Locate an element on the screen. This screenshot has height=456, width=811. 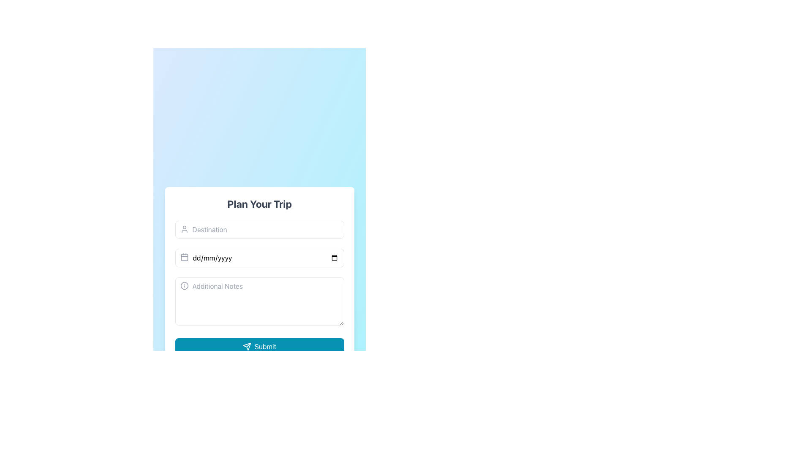
the date selection icon located on the left side of the date input field in the 'Plan Your Trip' form, which is positioned between the 'Destination' and 'Additional Notes' fields is located at coordinates (184, 257).